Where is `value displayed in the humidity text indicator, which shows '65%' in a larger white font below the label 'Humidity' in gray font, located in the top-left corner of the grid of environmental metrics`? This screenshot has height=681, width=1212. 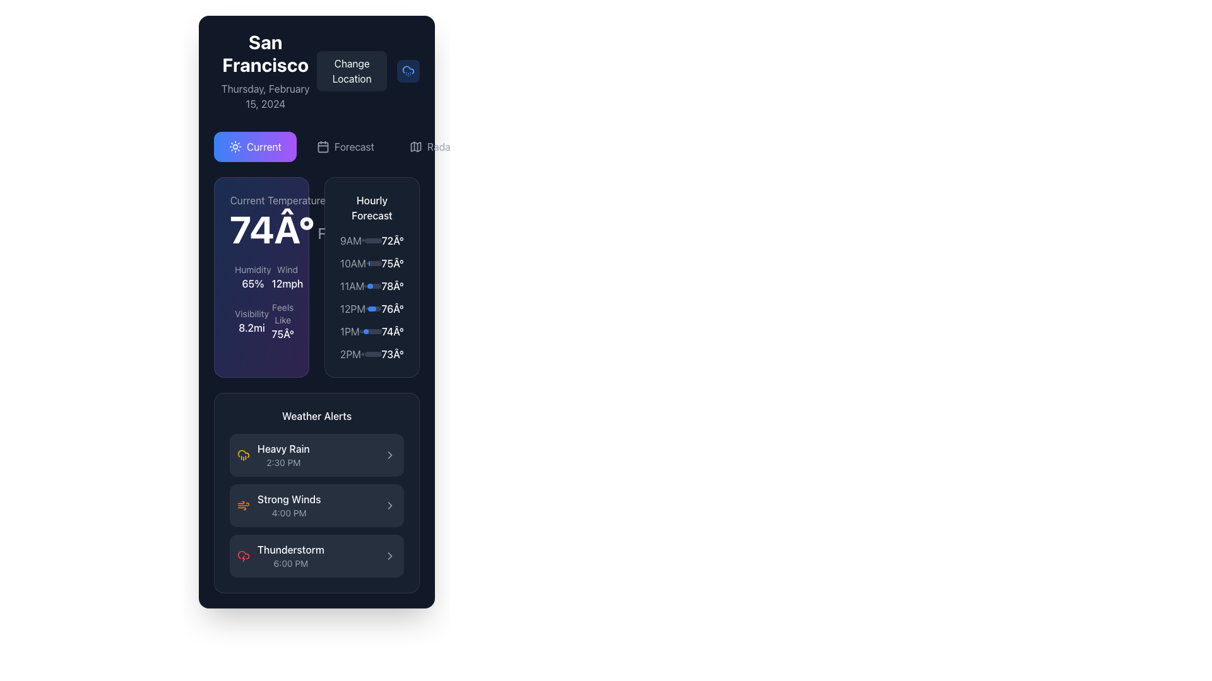
value displayed in the humidity text indicator, which shows '65%' in a larger white font below the label 'Humidity' in gray font, located in the top-left corner of the grid of environmental metrics is located at coordinates (243, 276).